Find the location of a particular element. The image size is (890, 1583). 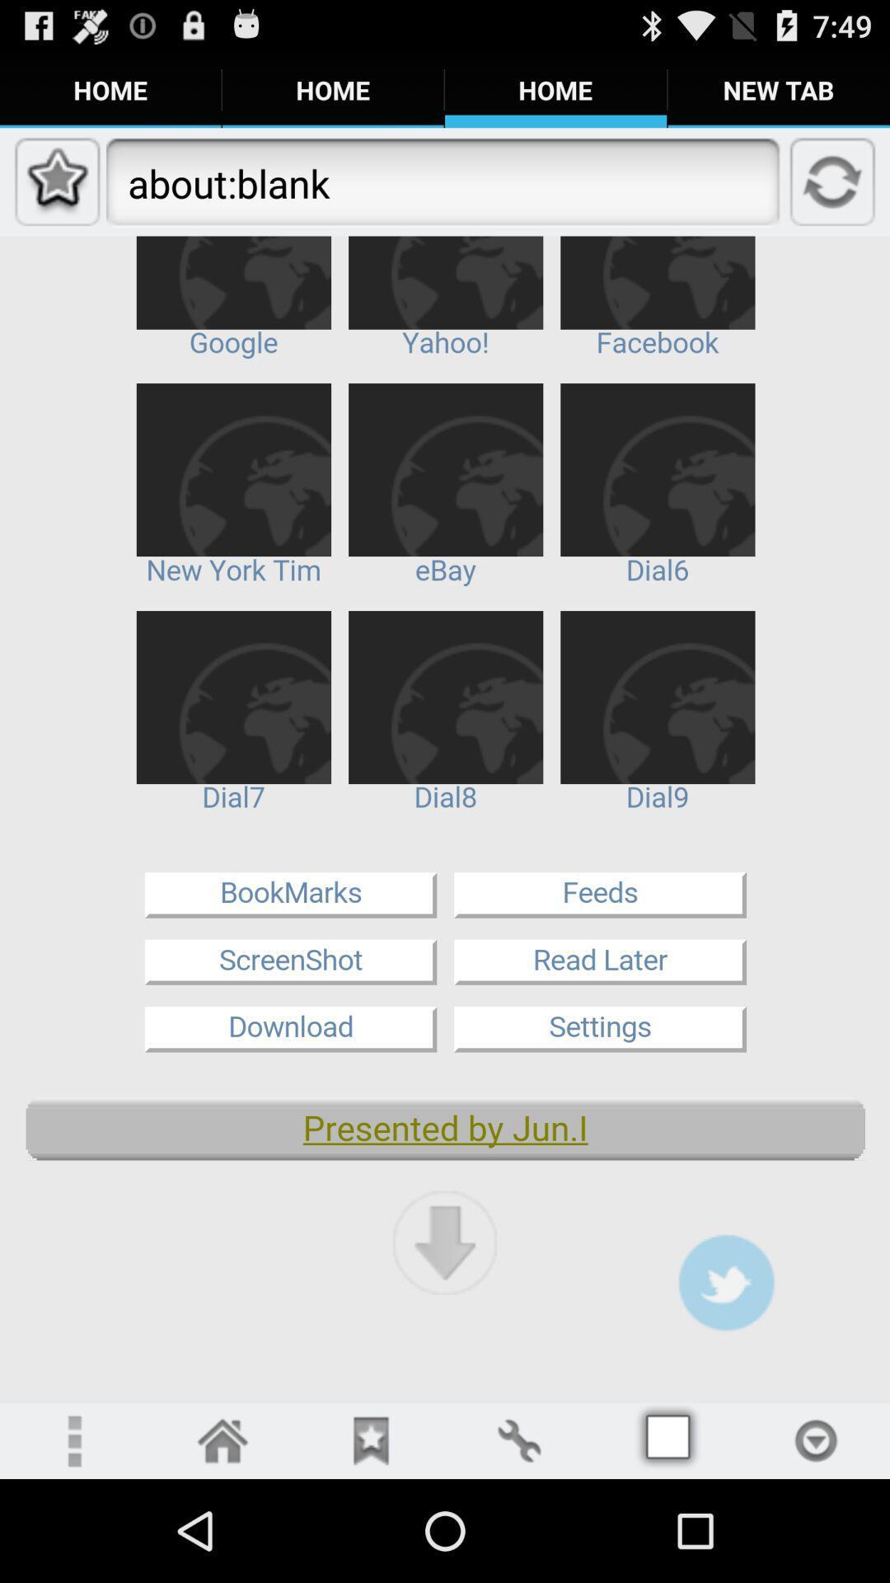

the bookmark icon is located at coordinates (371, 1541).